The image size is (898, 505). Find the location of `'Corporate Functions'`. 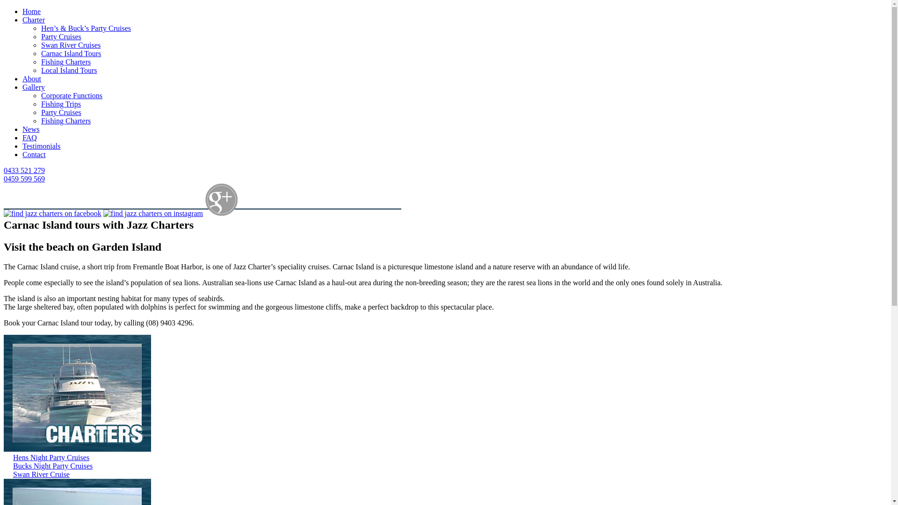

'Corporate Functions' is located at coordinates (71, 95).